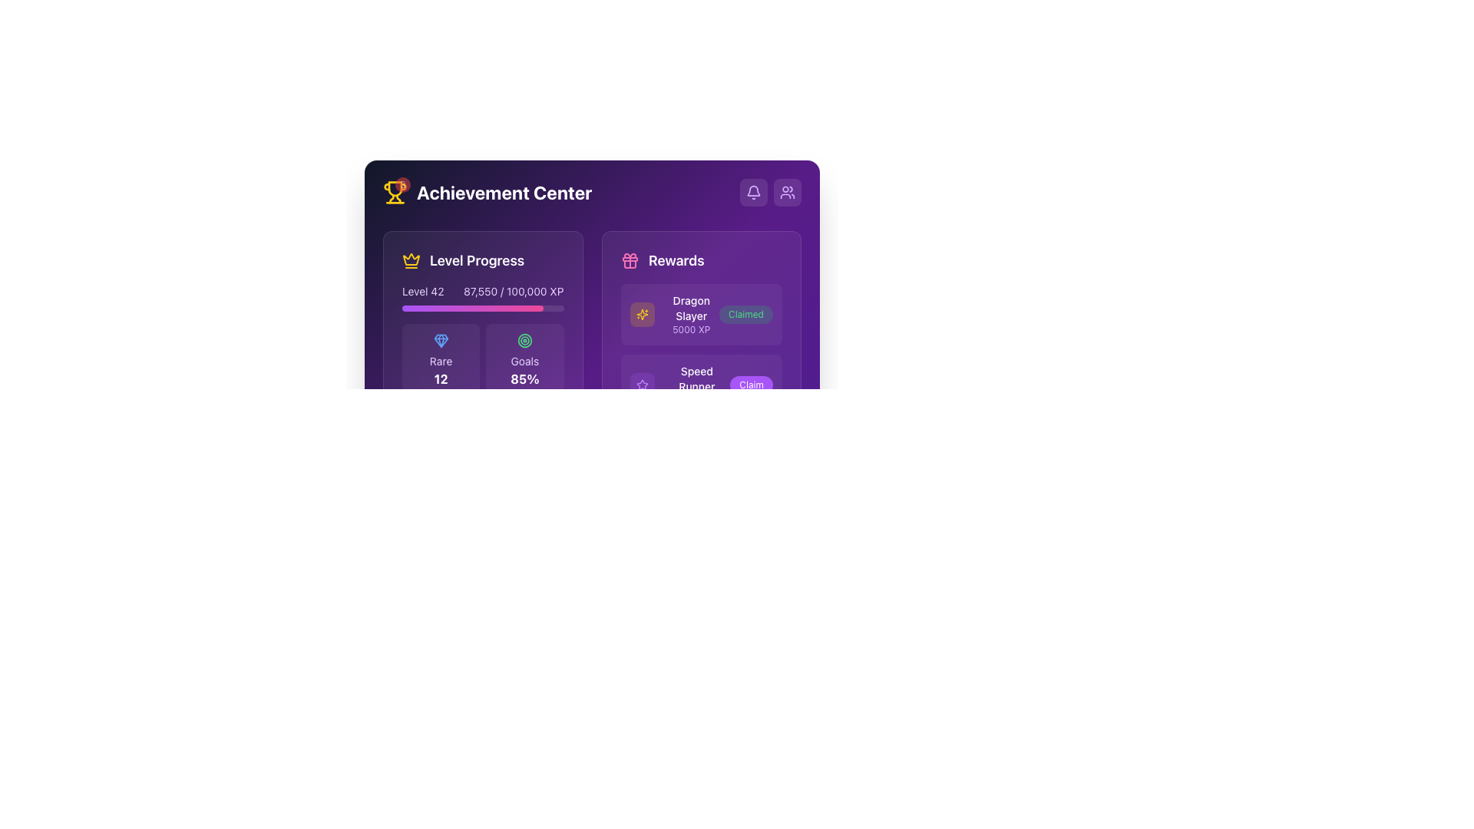  Describe the element at coordinates (482, 259) in the screenshot. I see `the 'Level Progress' header section, which includes an icon and text, for interaction` at that location.